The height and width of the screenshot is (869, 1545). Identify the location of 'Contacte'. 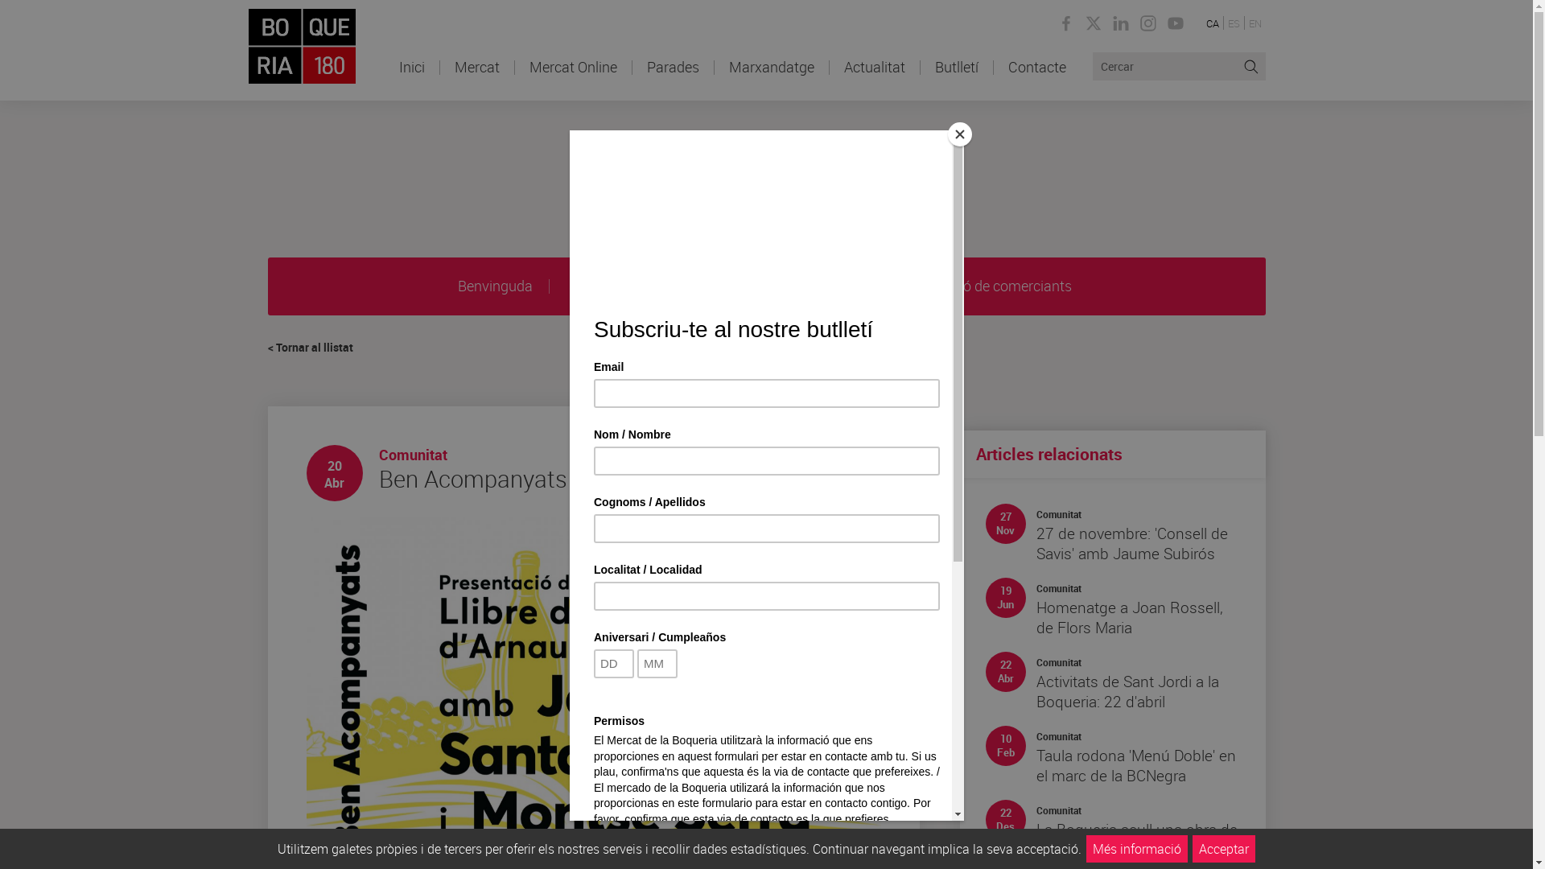
(991, 80).